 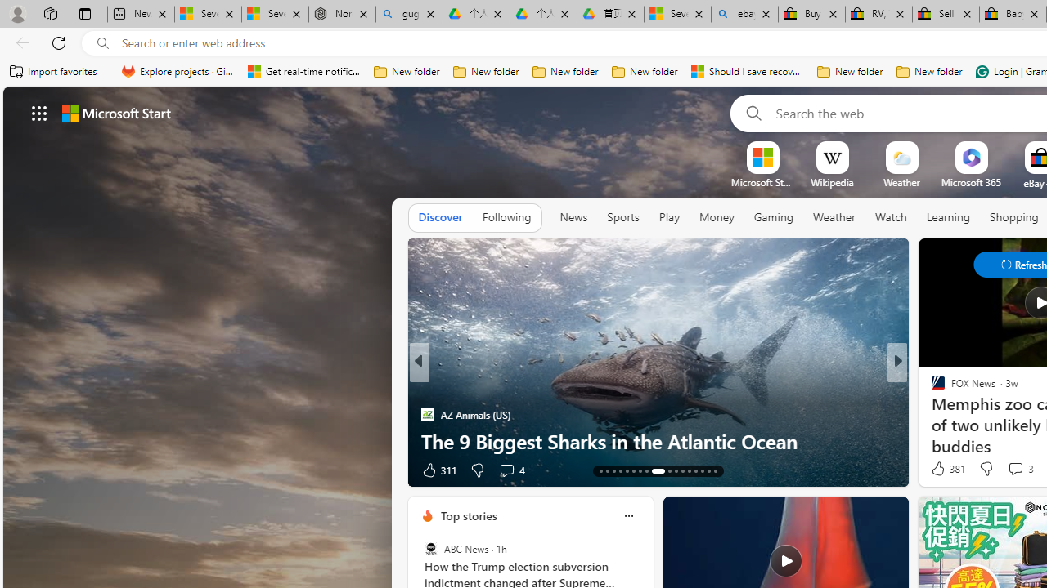 I want to click on 'Personal Profile', so click(x=17, y=13).